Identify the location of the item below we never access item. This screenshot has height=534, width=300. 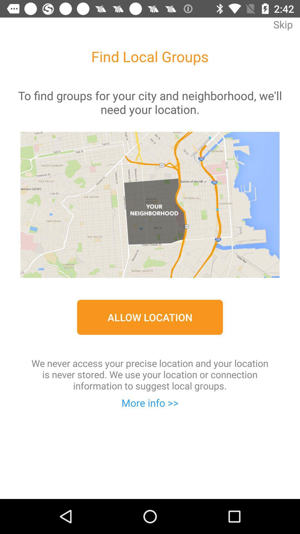
(150, 403).